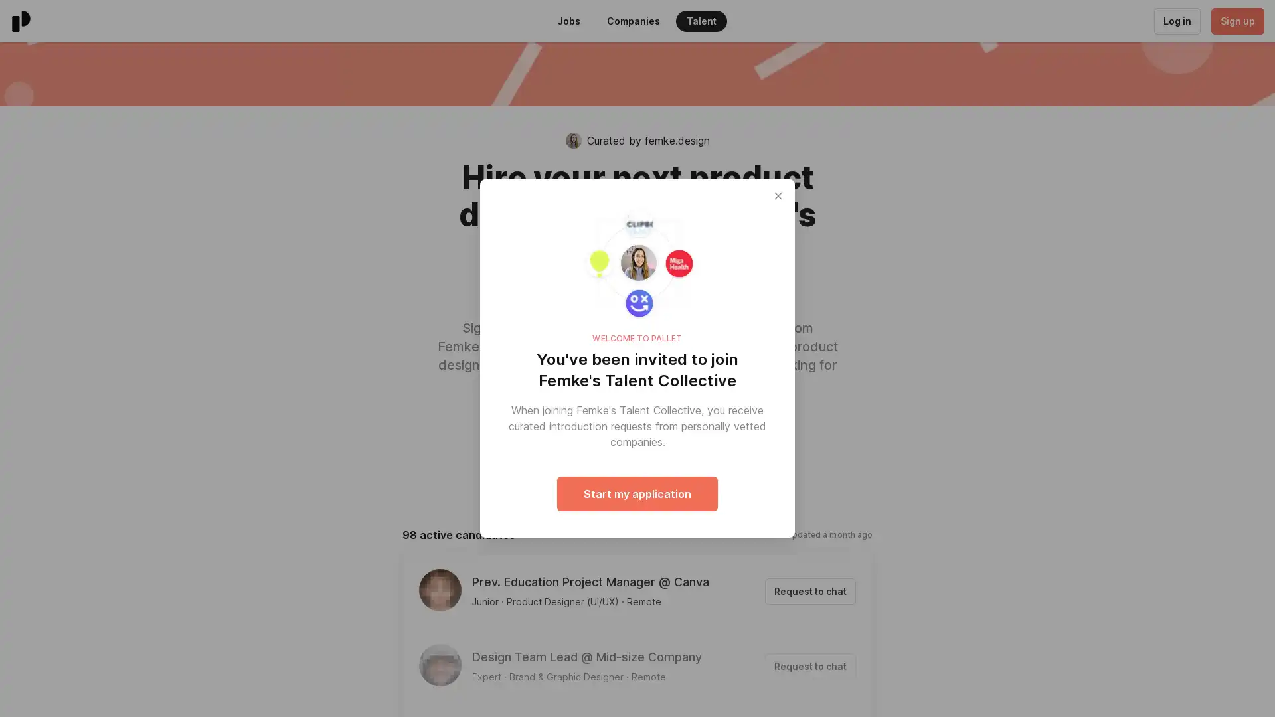  I want to click on Start my application, so click(637, 494).